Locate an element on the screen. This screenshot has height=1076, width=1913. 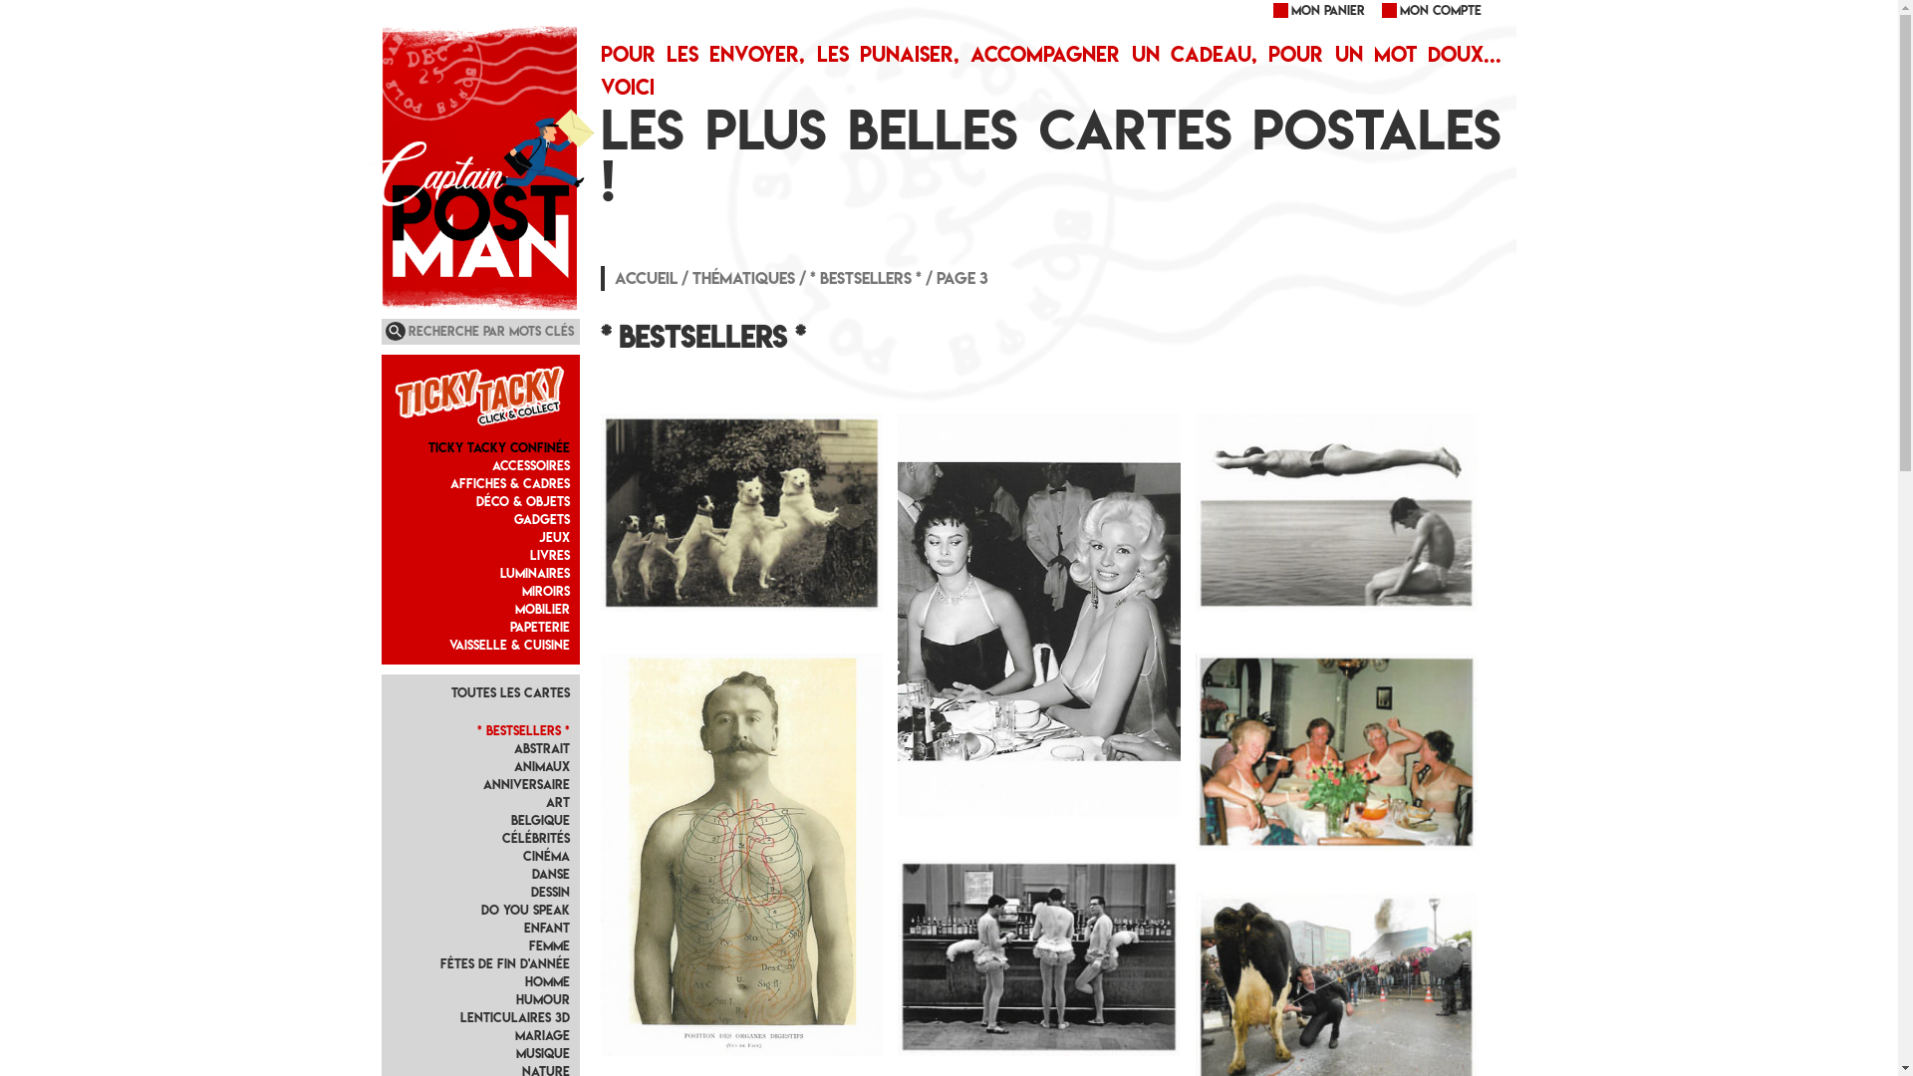
'Mon compte' is located at coordinates (1429, 10).